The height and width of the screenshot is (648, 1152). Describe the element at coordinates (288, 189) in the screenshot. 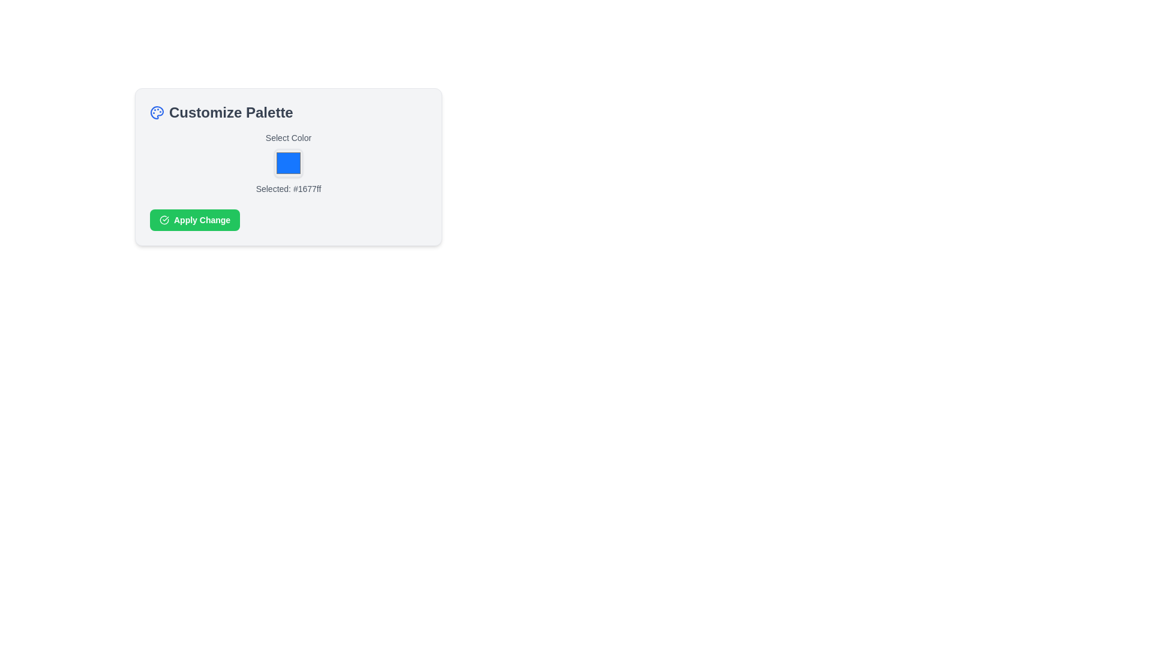

I see `the informational Text label that displays the currently selected color value, located centrally below the color selection box` at that location.